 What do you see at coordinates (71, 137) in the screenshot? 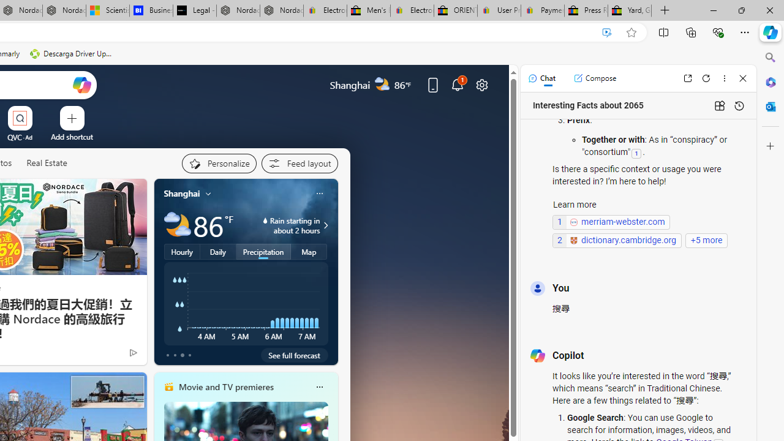
I see `'Add a site'` at bounding box center [71, 137].